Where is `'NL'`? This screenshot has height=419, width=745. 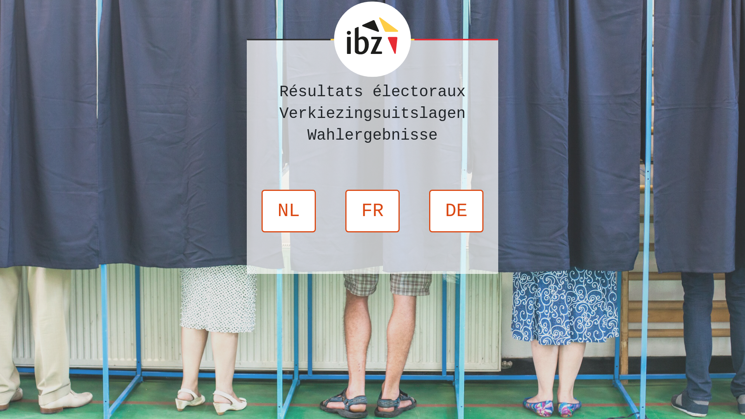
'NL' is located at coordinates (288, 211).